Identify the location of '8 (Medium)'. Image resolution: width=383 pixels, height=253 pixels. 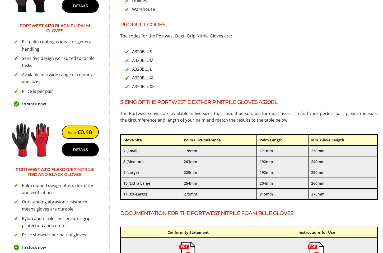
(133, 161).